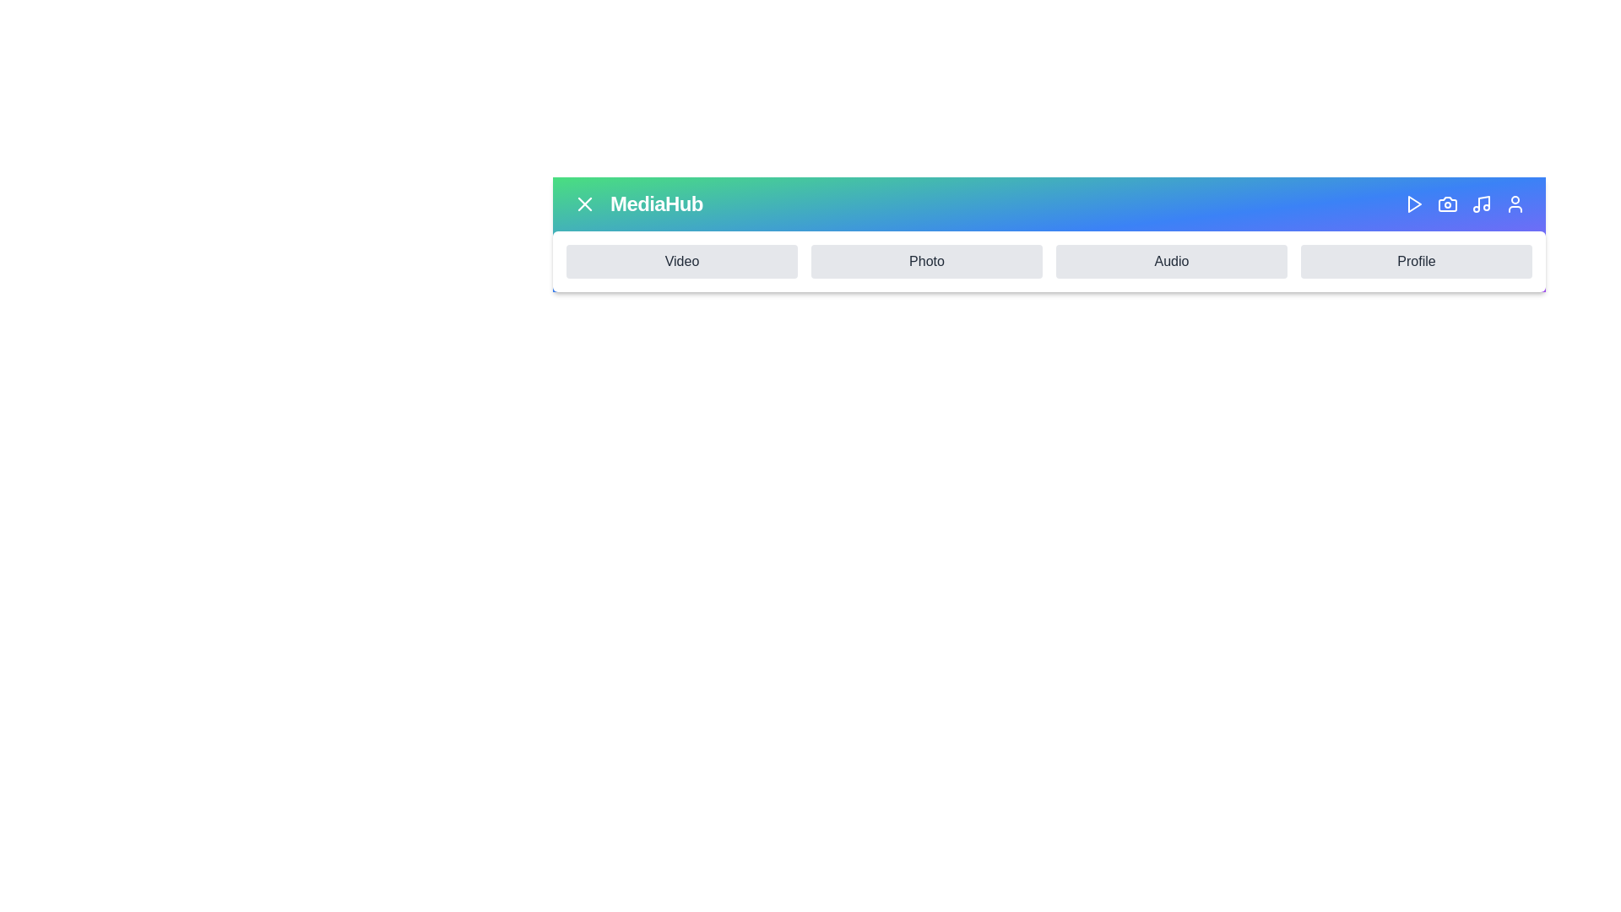 Image resolution: width=1621 pixels, height=912 pixels. What do you see at coordinates (926, 261) in the screenshot?
I see `the navigation item Photo by clicking on its respective button` at bounding box center [926, 261].